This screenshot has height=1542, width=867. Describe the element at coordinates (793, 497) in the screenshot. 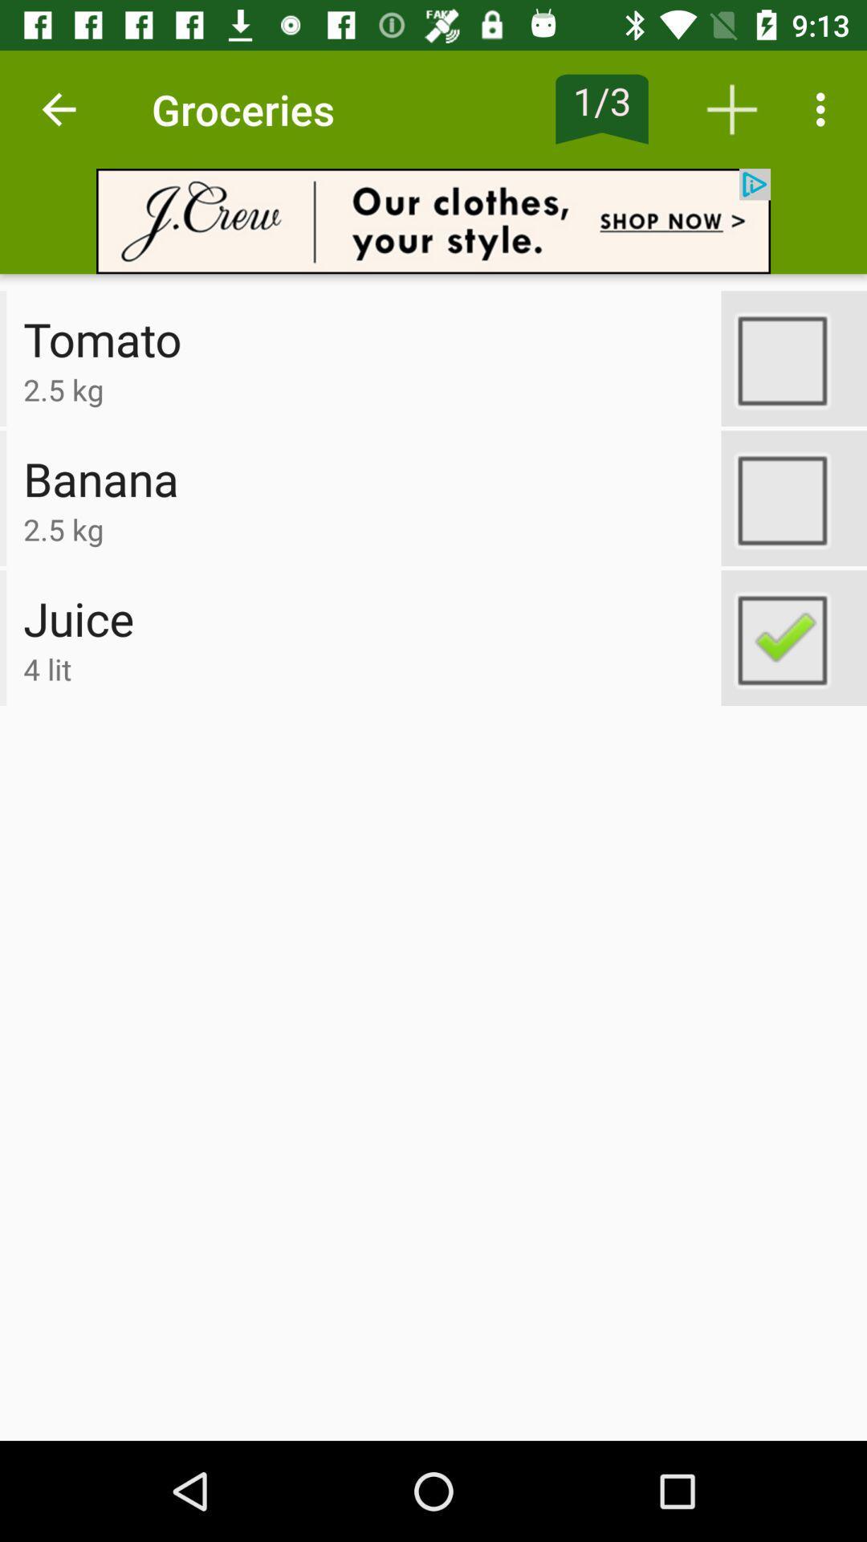

I see `banana` at that location.